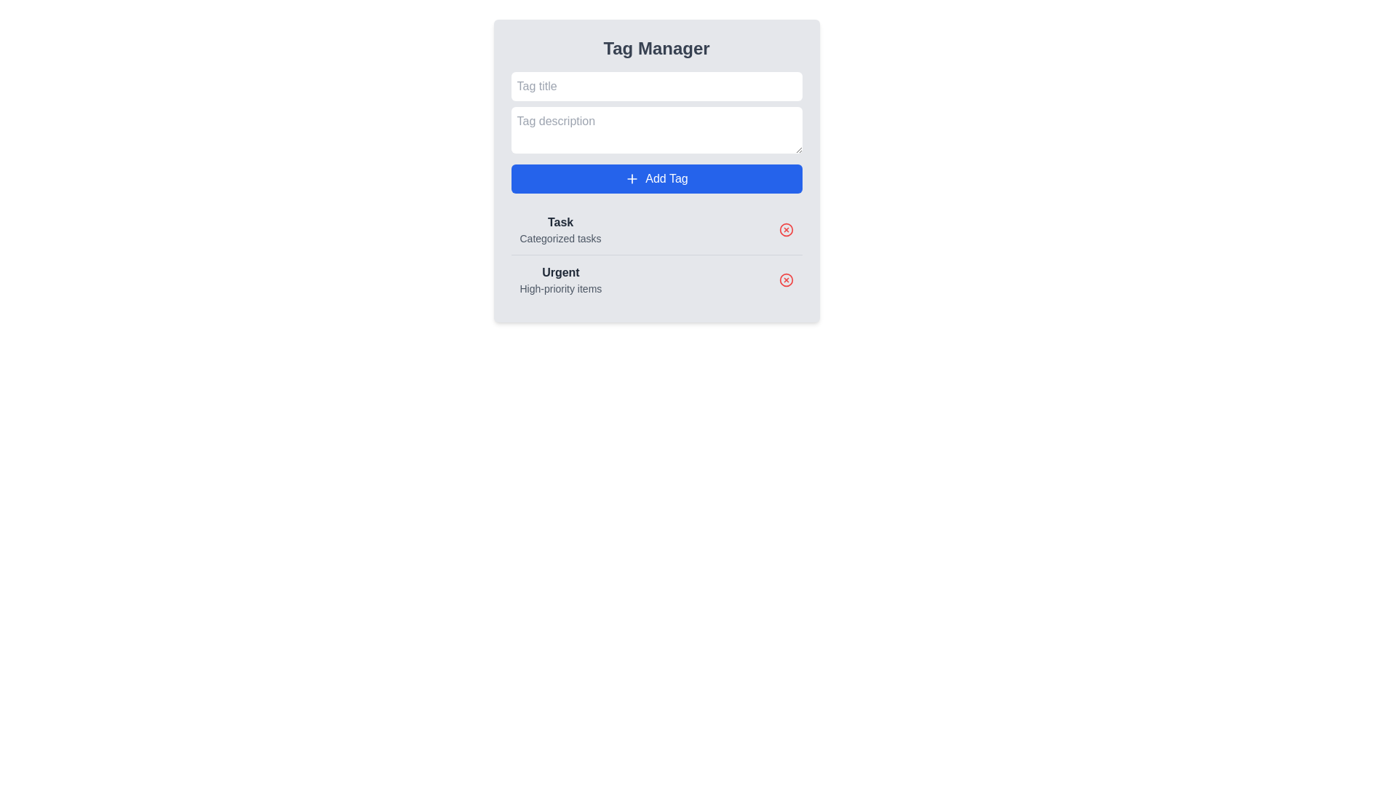 The width and height of the screenshot is (1397, 786). What do you see at coordinates (656, 178) in the screenshot?
I see `the submit button located beneath the 'Tag title' and 'Tag description' input fields` at bounding box center [656, 178].